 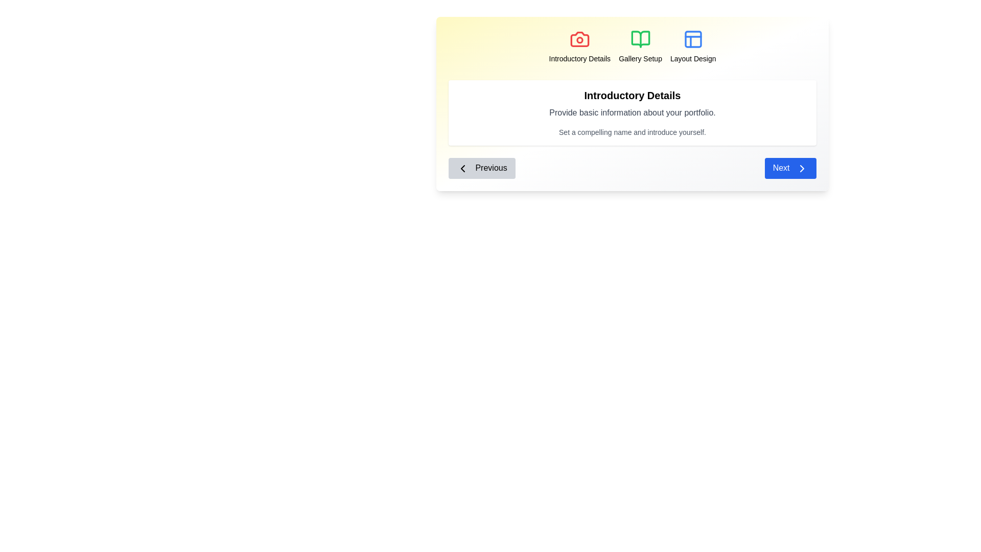 What do you see at coordinates (640, 59) in the screenshot?
I see `the static text label reading 'Gallery Setup', which is located below the green book icon in the navigation section` at bounding box center [640, 59].